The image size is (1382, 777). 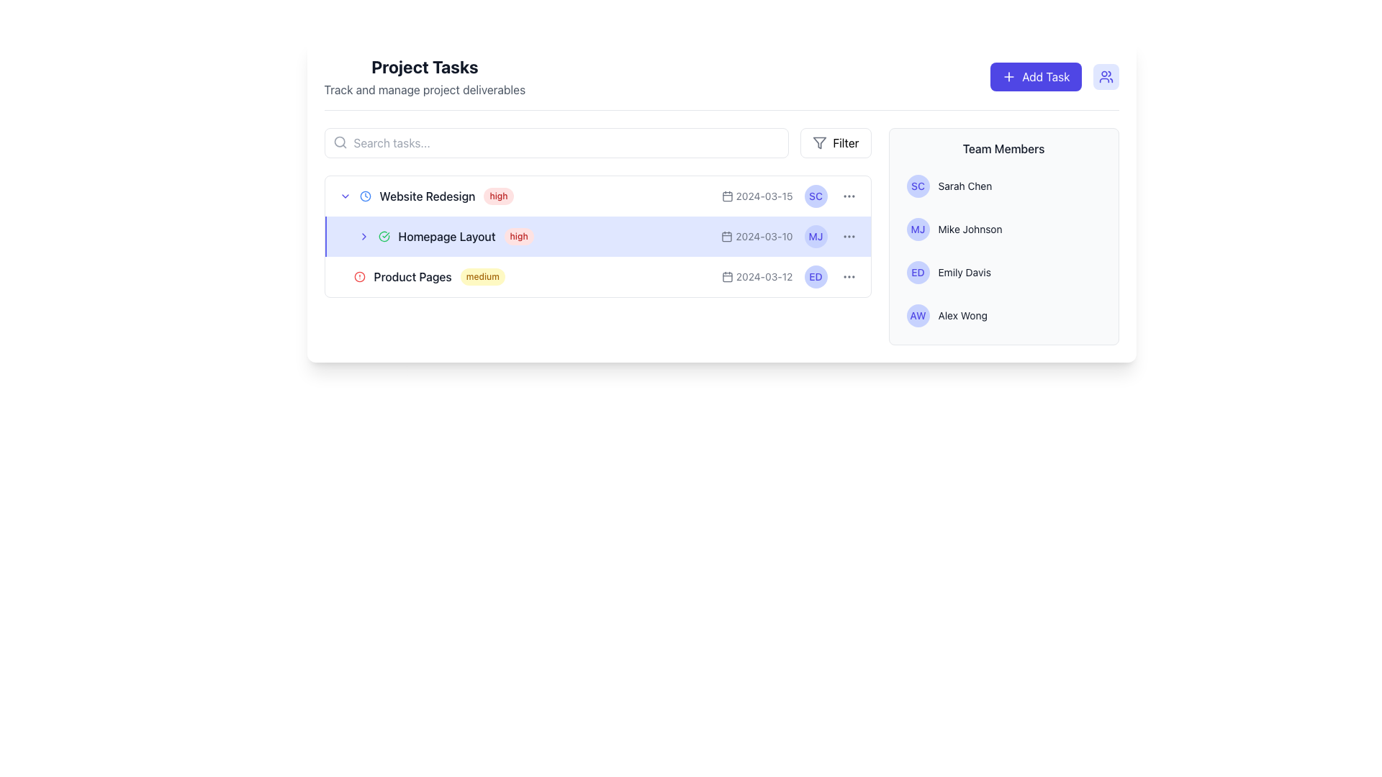 I want to click on the circular avatar badge representing team member 'MJ' located, so click(x=917, y=229).